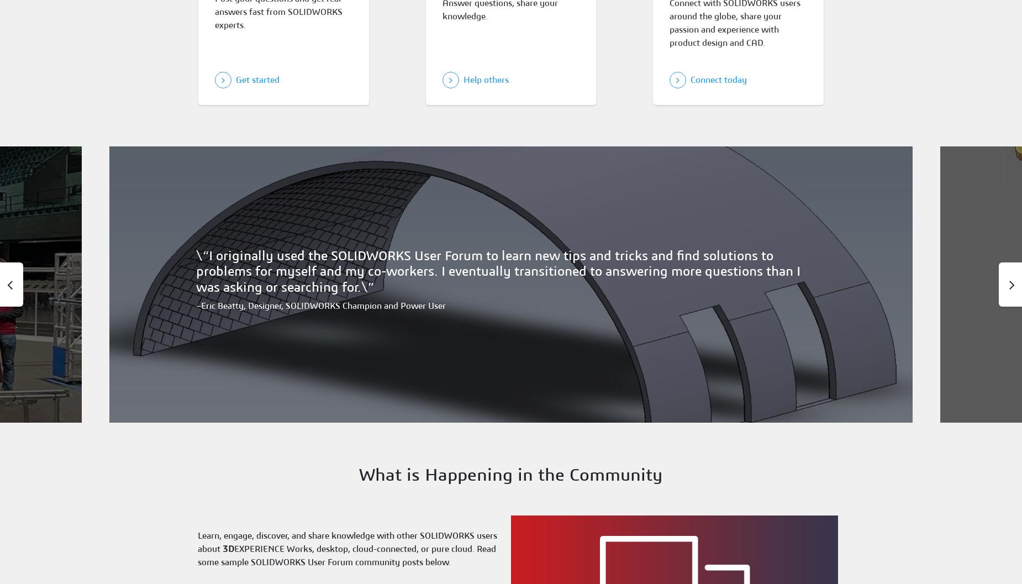 This screenshot has height=584, width=1022. I want to click on 'I don’t have an existing ID – how do I get one and start?', so click(289, 194).